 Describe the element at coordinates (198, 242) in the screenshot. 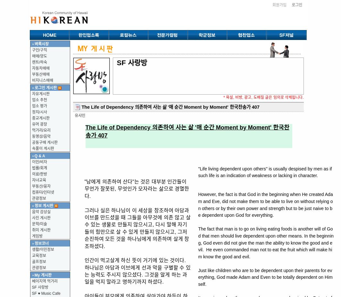

I see `'The fact that man is to go on living eating foods is another will of God 		that men should live dependent upon other means. In the beginning, God even did not give the man the ability to know the good and evil.  He even commanded man not 		to eat the fruit which will make him know the good and evil.'` at that location.